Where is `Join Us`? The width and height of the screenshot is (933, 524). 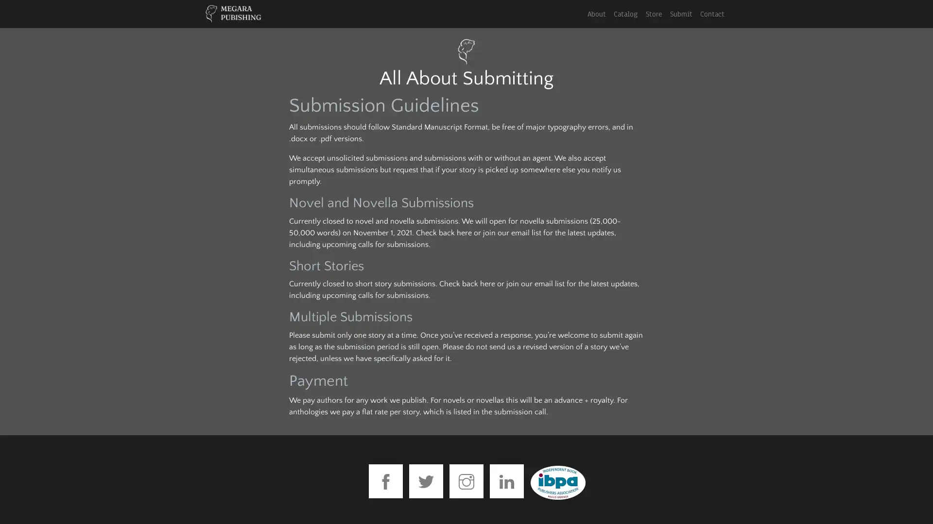
Join Us is located at coordinates (466, 144).